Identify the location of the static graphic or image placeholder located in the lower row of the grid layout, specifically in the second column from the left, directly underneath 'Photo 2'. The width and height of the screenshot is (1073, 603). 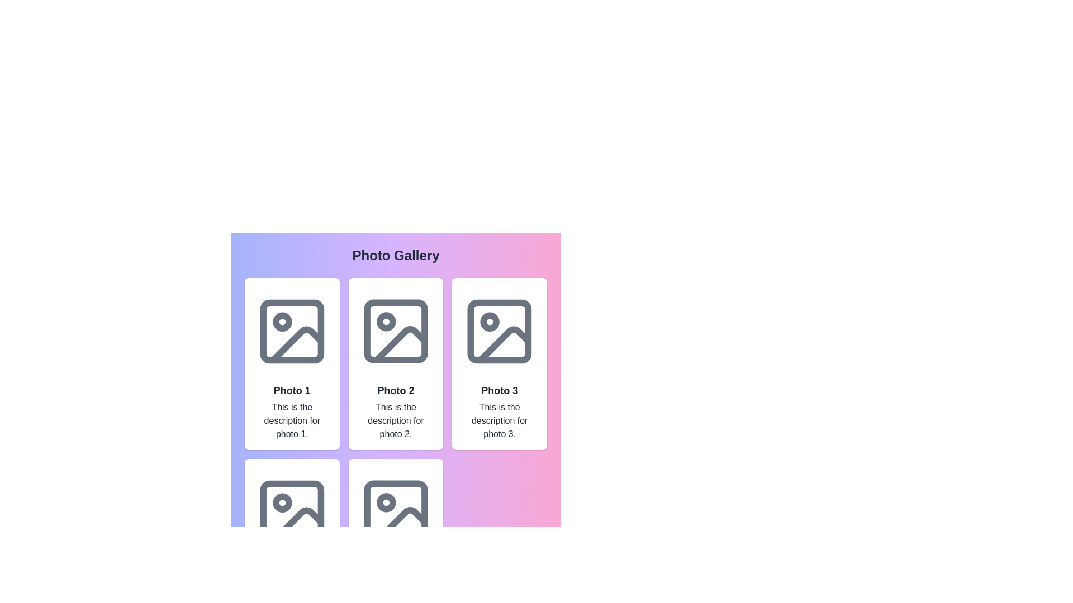
(396, 513).